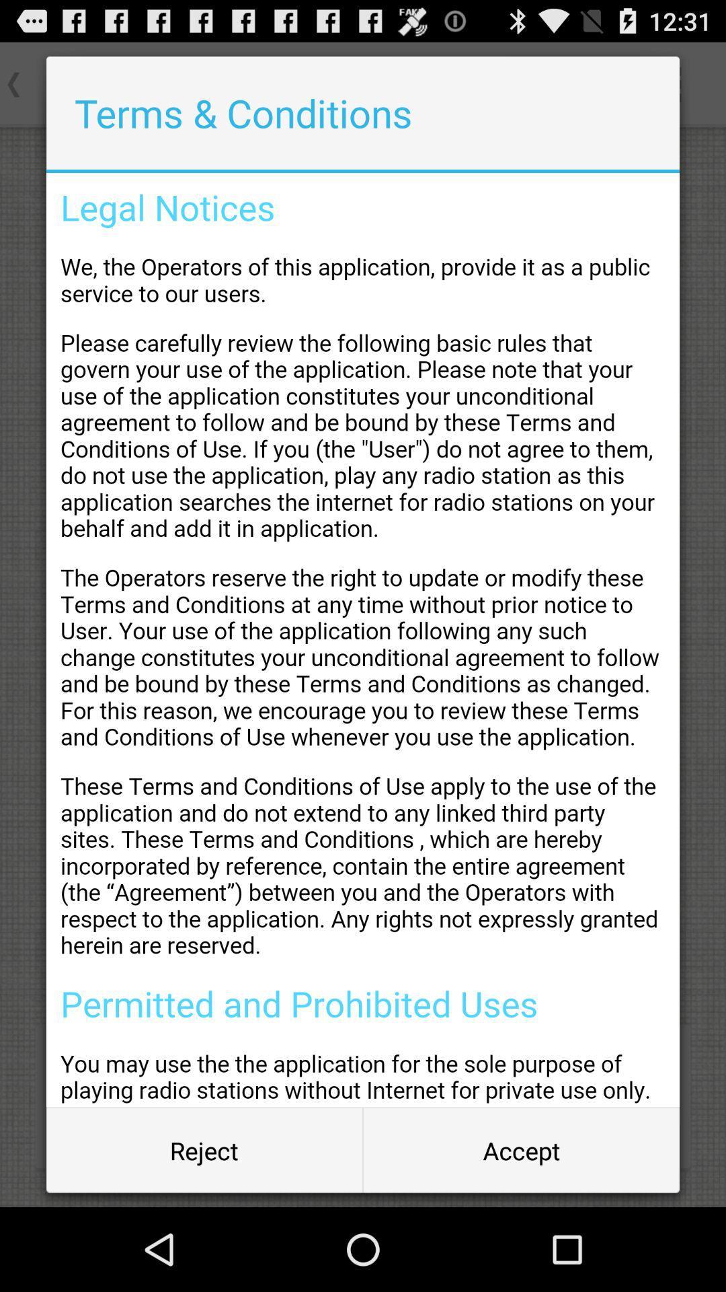  What do you see at coordinates (363, 639) in the screenshot?
I see `terms conditions` at bounding box center [363, 639].